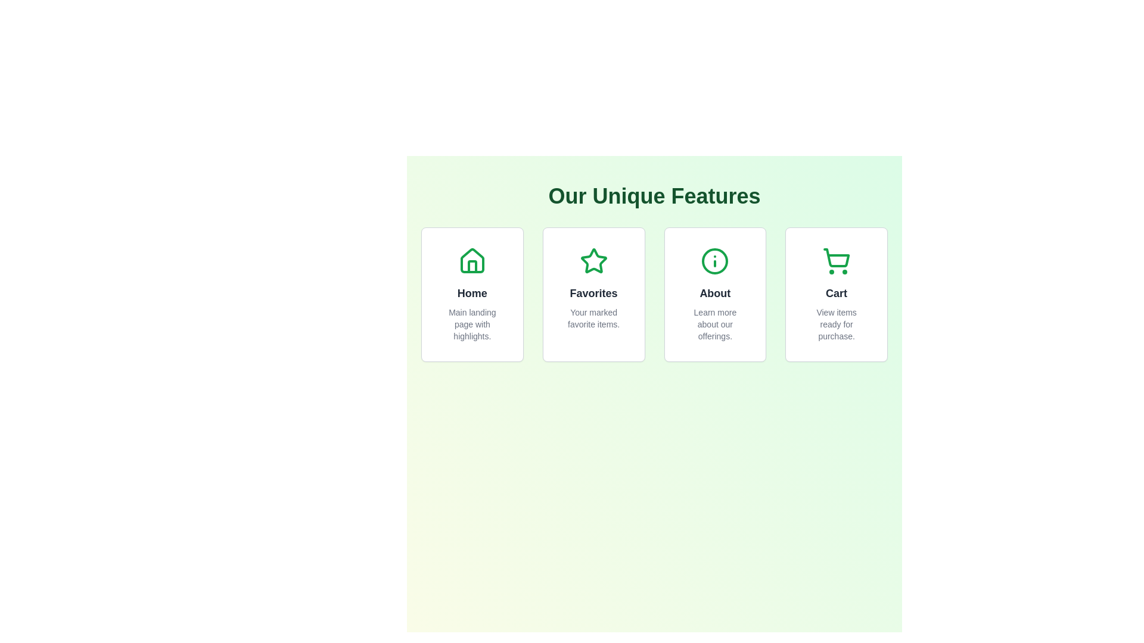 The image size is (1144, 643). I want to click on the house-shaped icon with a green outline and white interior located at the upper part of the 'Home' card, so click(471, 261).